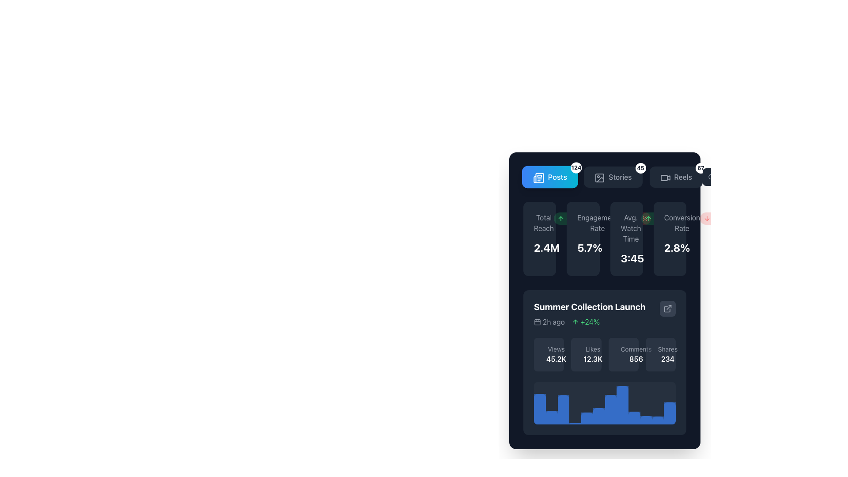 Image resolution: width=848 pixels, height=477 pixels. Describe the element at coordinates (612, 177) in the screenshot. I see `the button located at the top center of the interface, positioned between the 'Posts' and 'Reels' buttons` at that location.